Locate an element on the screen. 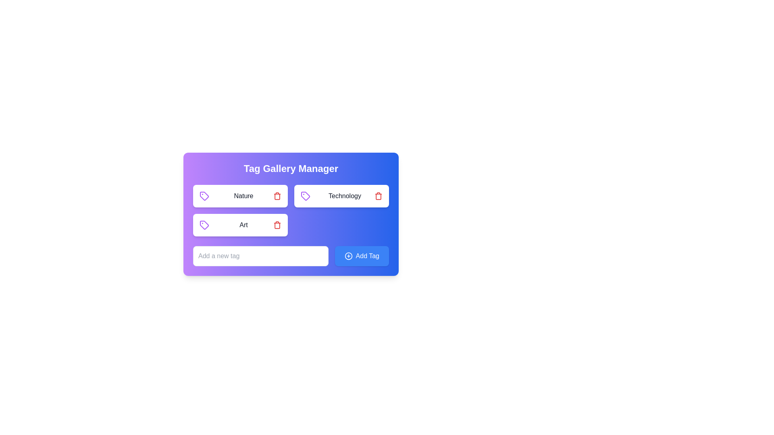  the 'Add Tag' button, which has a blue background and white text with a plus sign icon is located at coordinates (361, 256).